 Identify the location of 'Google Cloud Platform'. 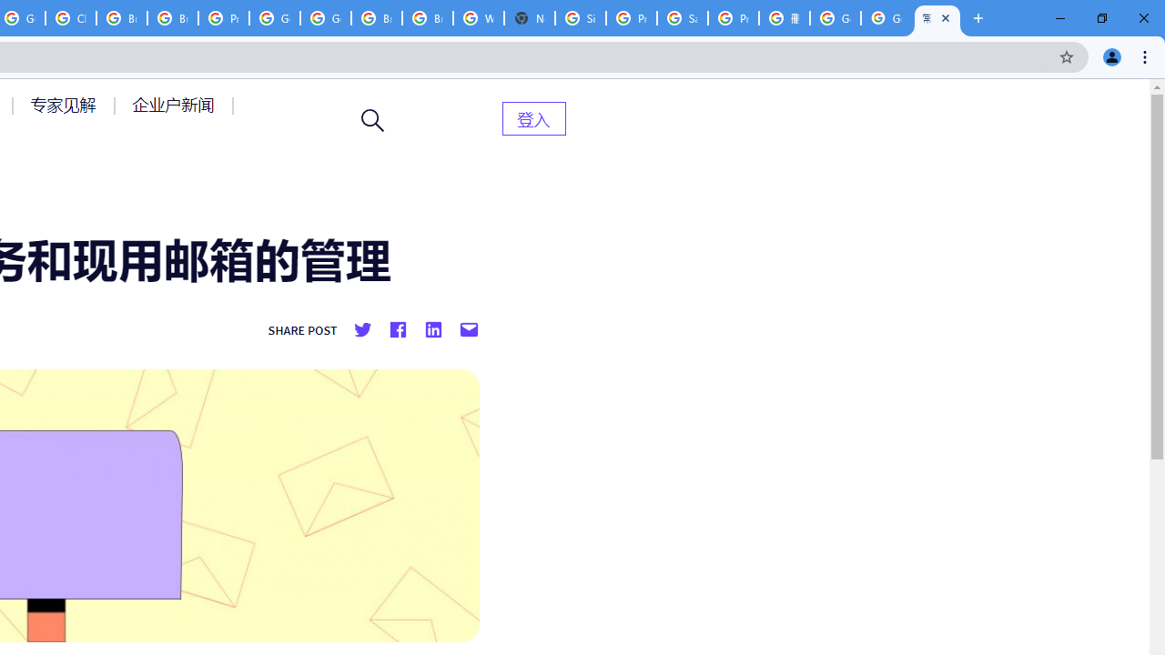
(274, 18).